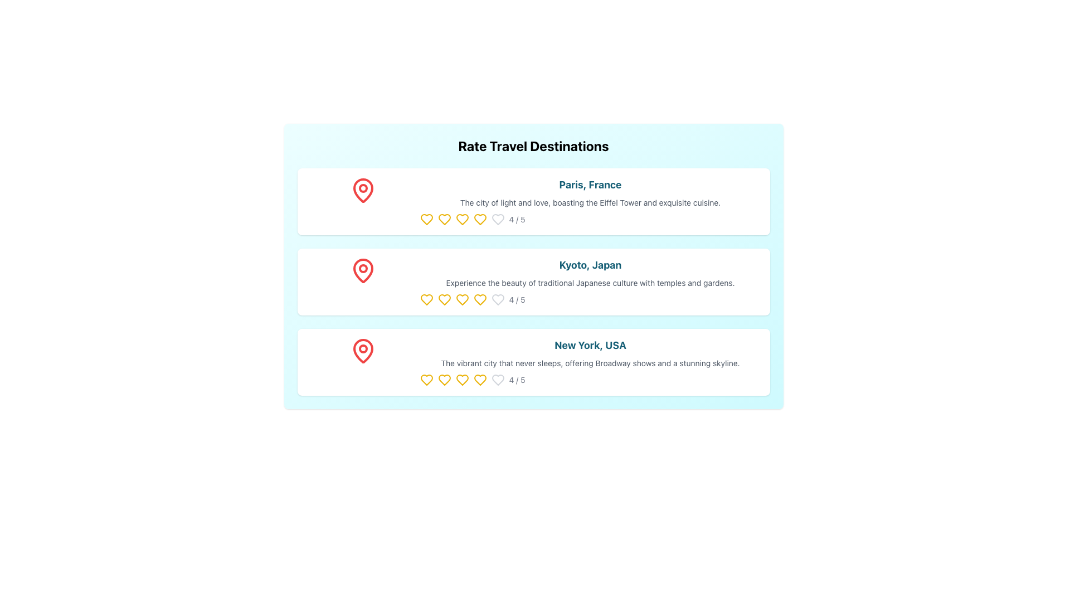  What do you see at coordinates (462, 380) in the screenshot?
I see `the heart-shaped icon with a yellow border and a white interior, which is the fourth icon in the rating section for 'New York, USA'` at bounding box center [462, 380].